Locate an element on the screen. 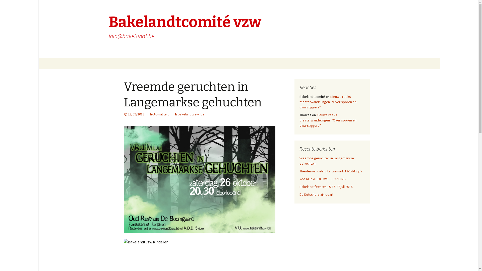 Image resolution: width=482 pixels, height=271 pixels. 'De Dutschers zin doar!' is located at coordinates (316, 194).